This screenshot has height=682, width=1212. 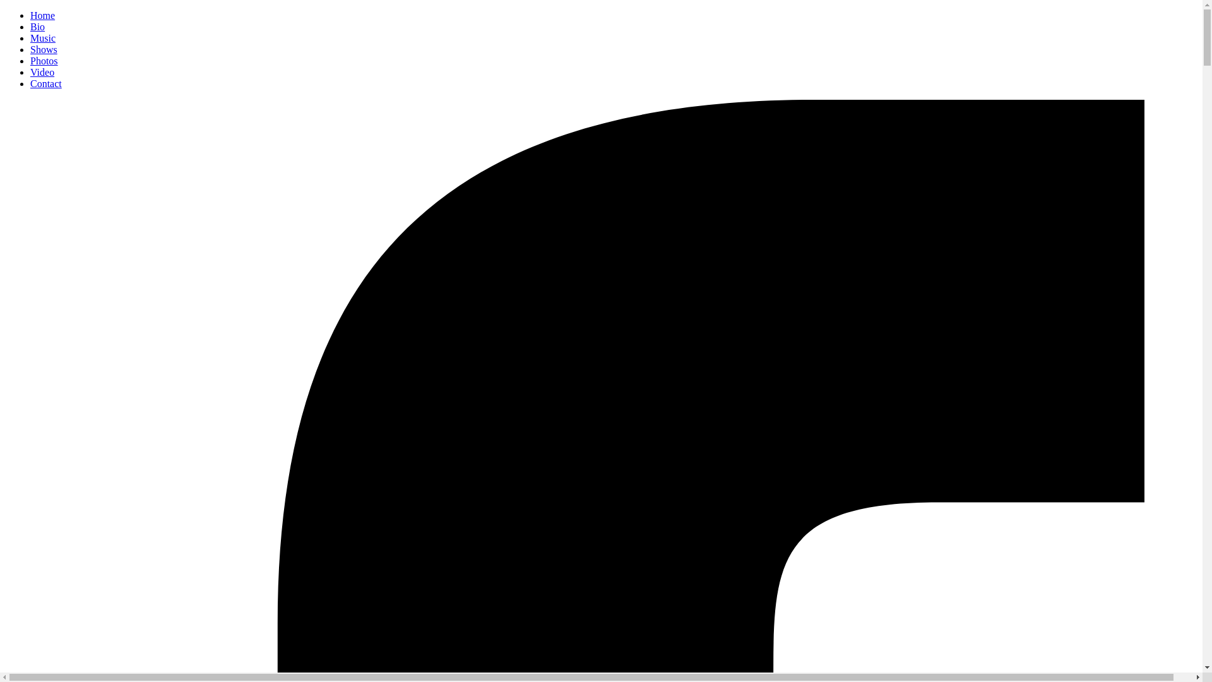 I want to click on 'Photos', so click(x=44, y=61).